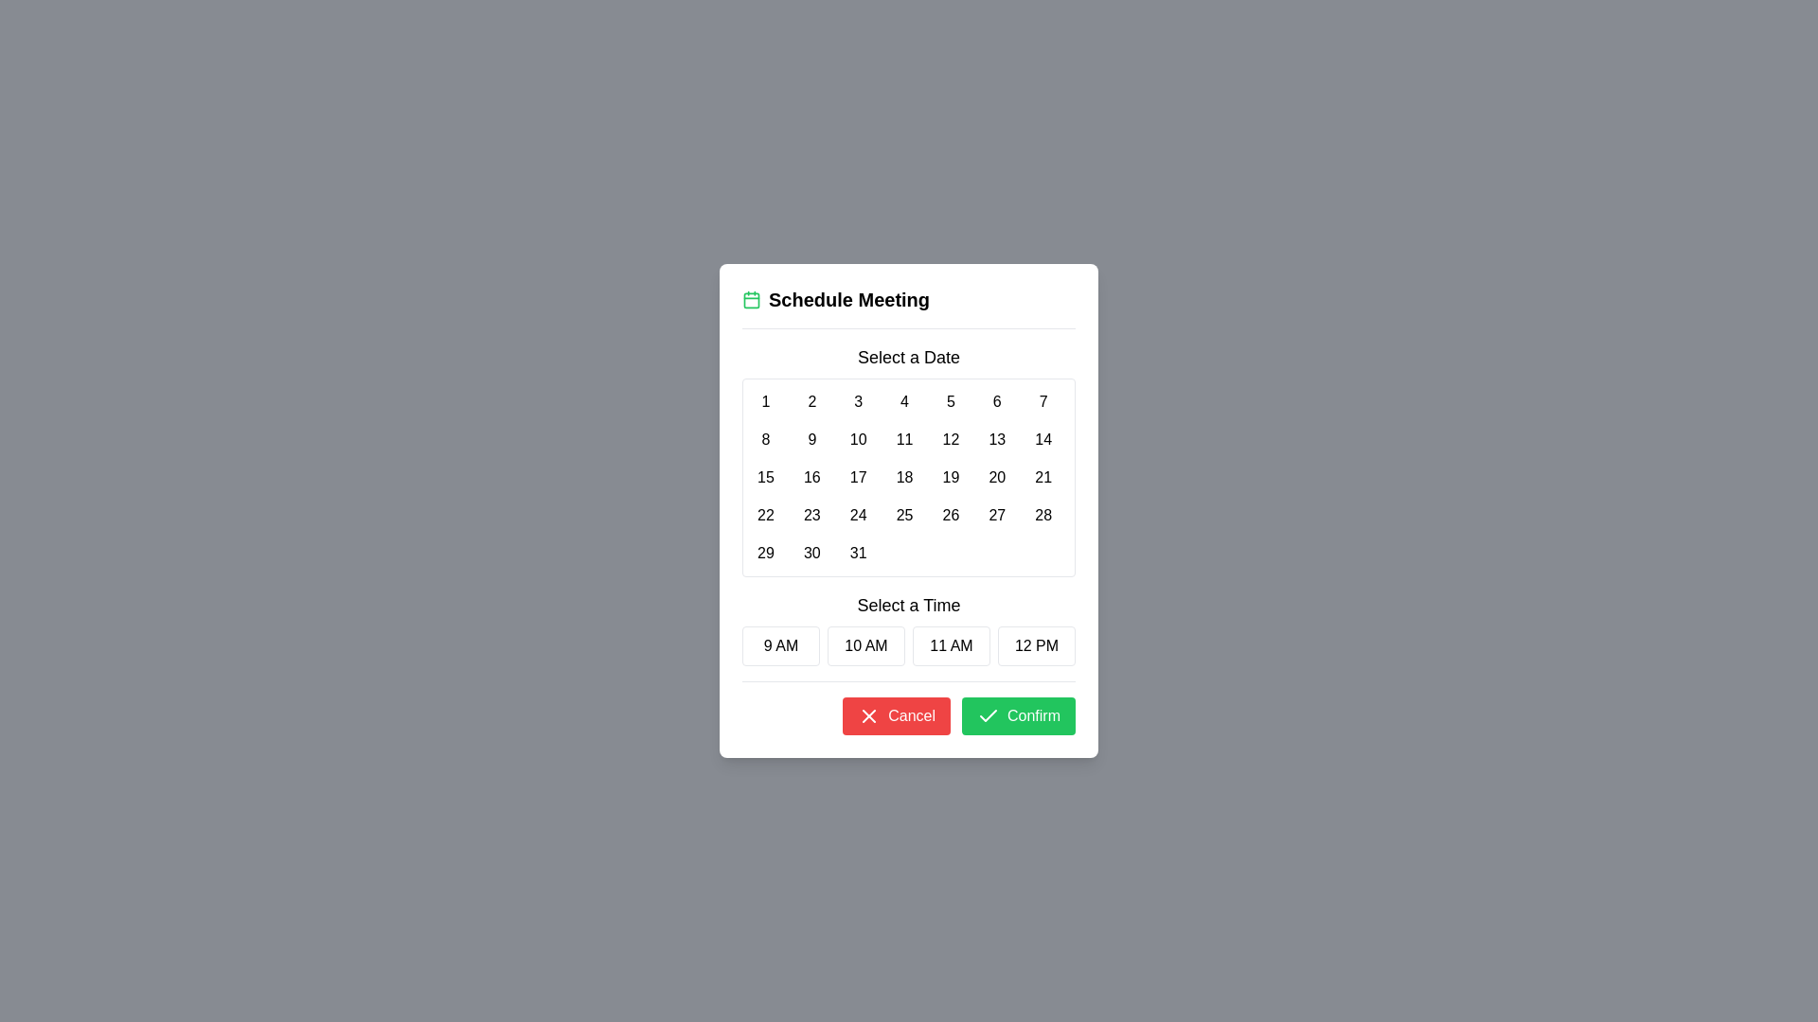 This screenshot has width=1818, height=1022. I want to click on the rounded square button labeled '29', so click(766, 554).